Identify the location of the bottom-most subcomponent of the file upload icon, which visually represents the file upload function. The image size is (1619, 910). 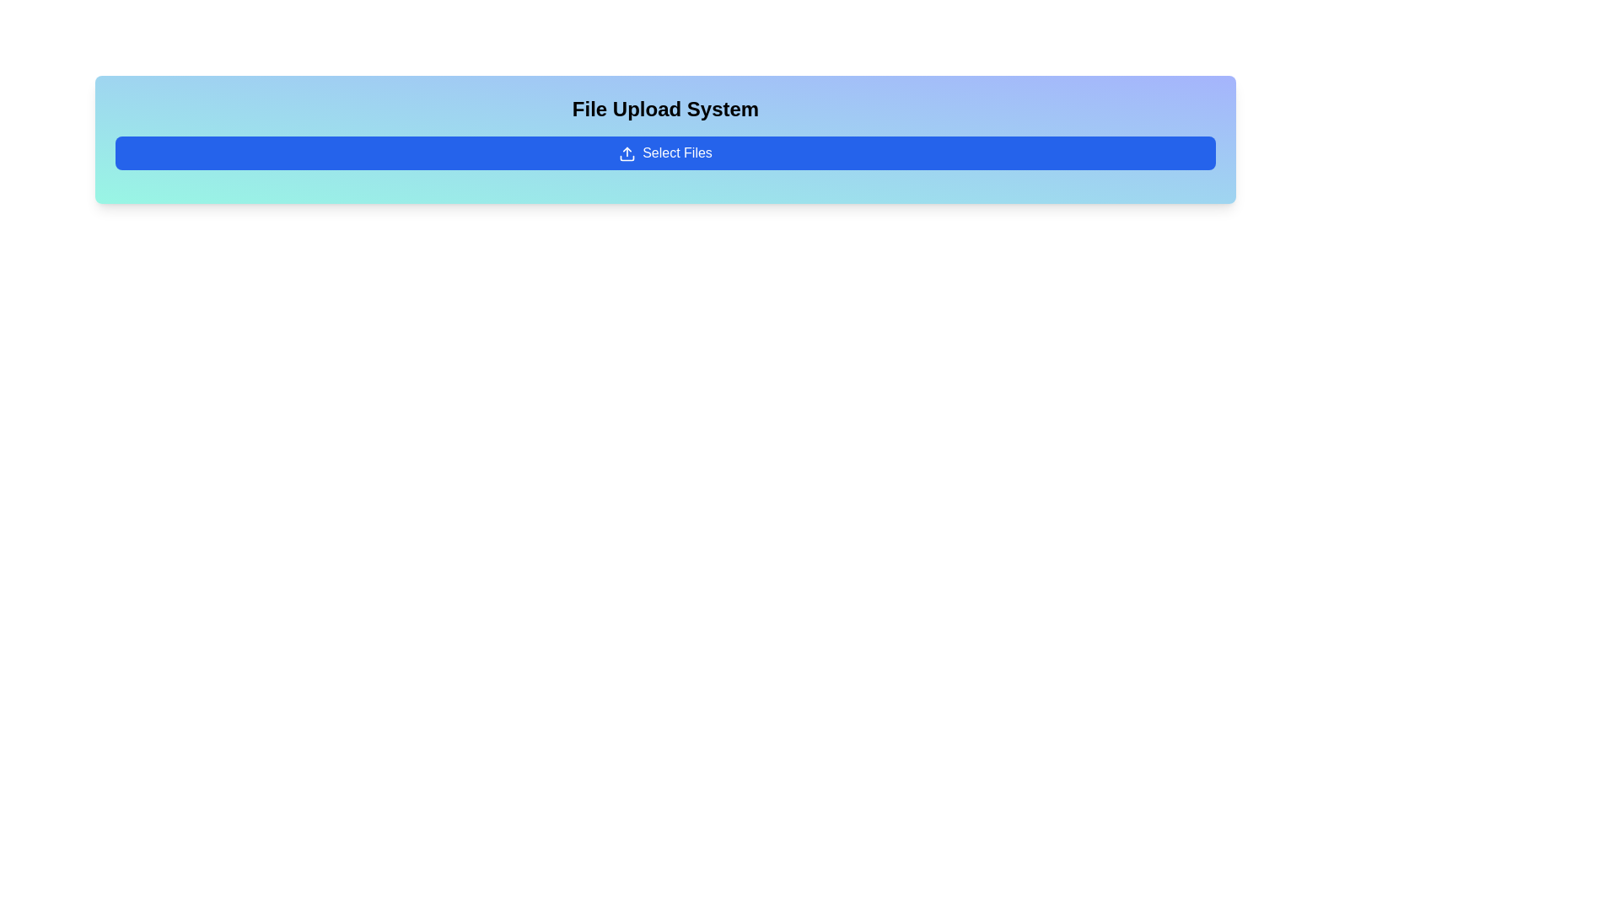
(627, 158).